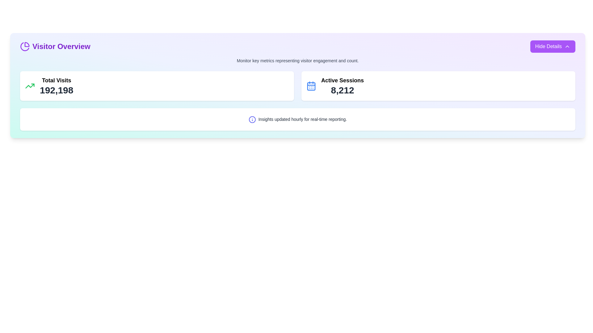 The width and height of the screenshot is (593, 333). What do you see at coordinates (311, 86) in the screenshot?
I see `the 'Active Sessions' data represented by the calendar icon located at the top-right section of the interface, beside the label 'Active Sessions' and above the number '8,212'` at bounding box center [311, 86].